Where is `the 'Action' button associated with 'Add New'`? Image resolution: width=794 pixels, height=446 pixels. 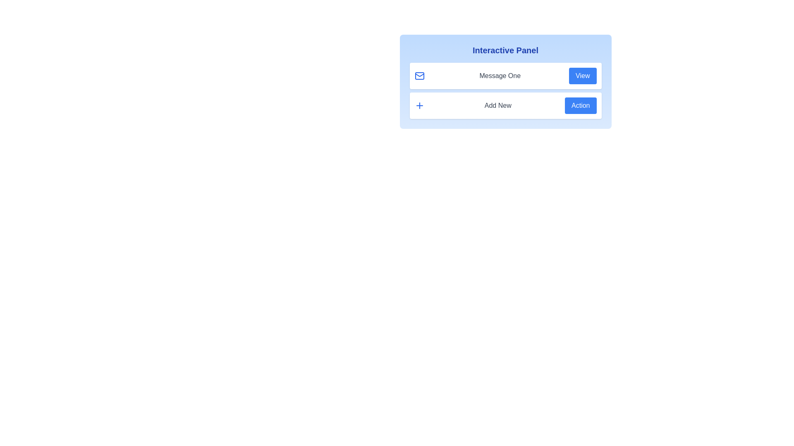
the 'Action' button associated with 'Add New' is located at coordinates (580, 105).